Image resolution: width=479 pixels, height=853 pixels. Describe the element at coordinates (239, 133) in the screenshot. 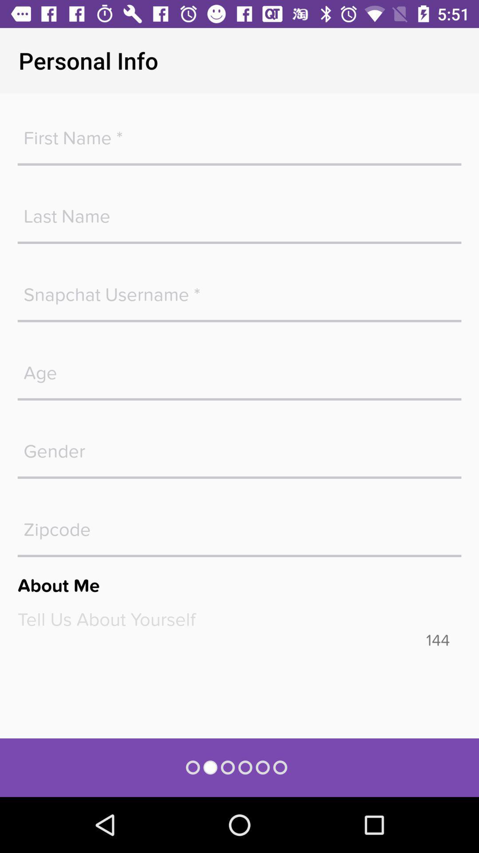

I see `input name` at that location.